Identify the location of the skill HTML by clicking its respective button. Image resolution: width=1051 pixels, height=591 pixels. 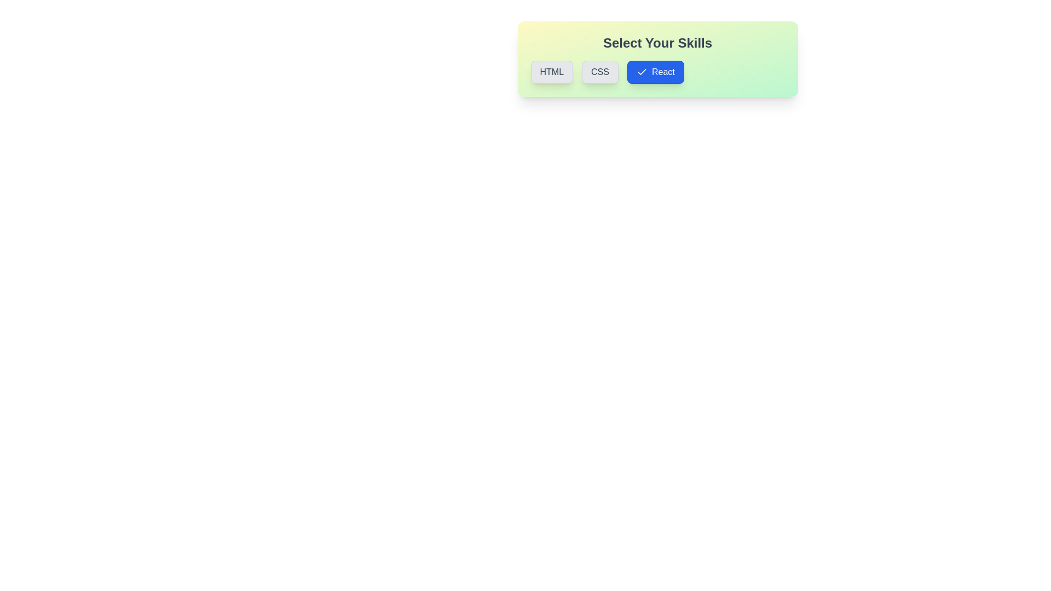
(552, 72).